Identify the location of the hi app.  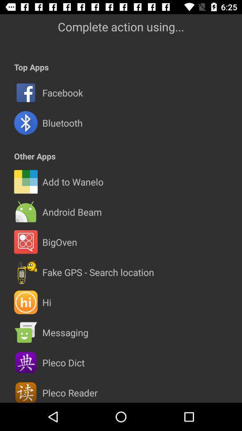
(47, 302).